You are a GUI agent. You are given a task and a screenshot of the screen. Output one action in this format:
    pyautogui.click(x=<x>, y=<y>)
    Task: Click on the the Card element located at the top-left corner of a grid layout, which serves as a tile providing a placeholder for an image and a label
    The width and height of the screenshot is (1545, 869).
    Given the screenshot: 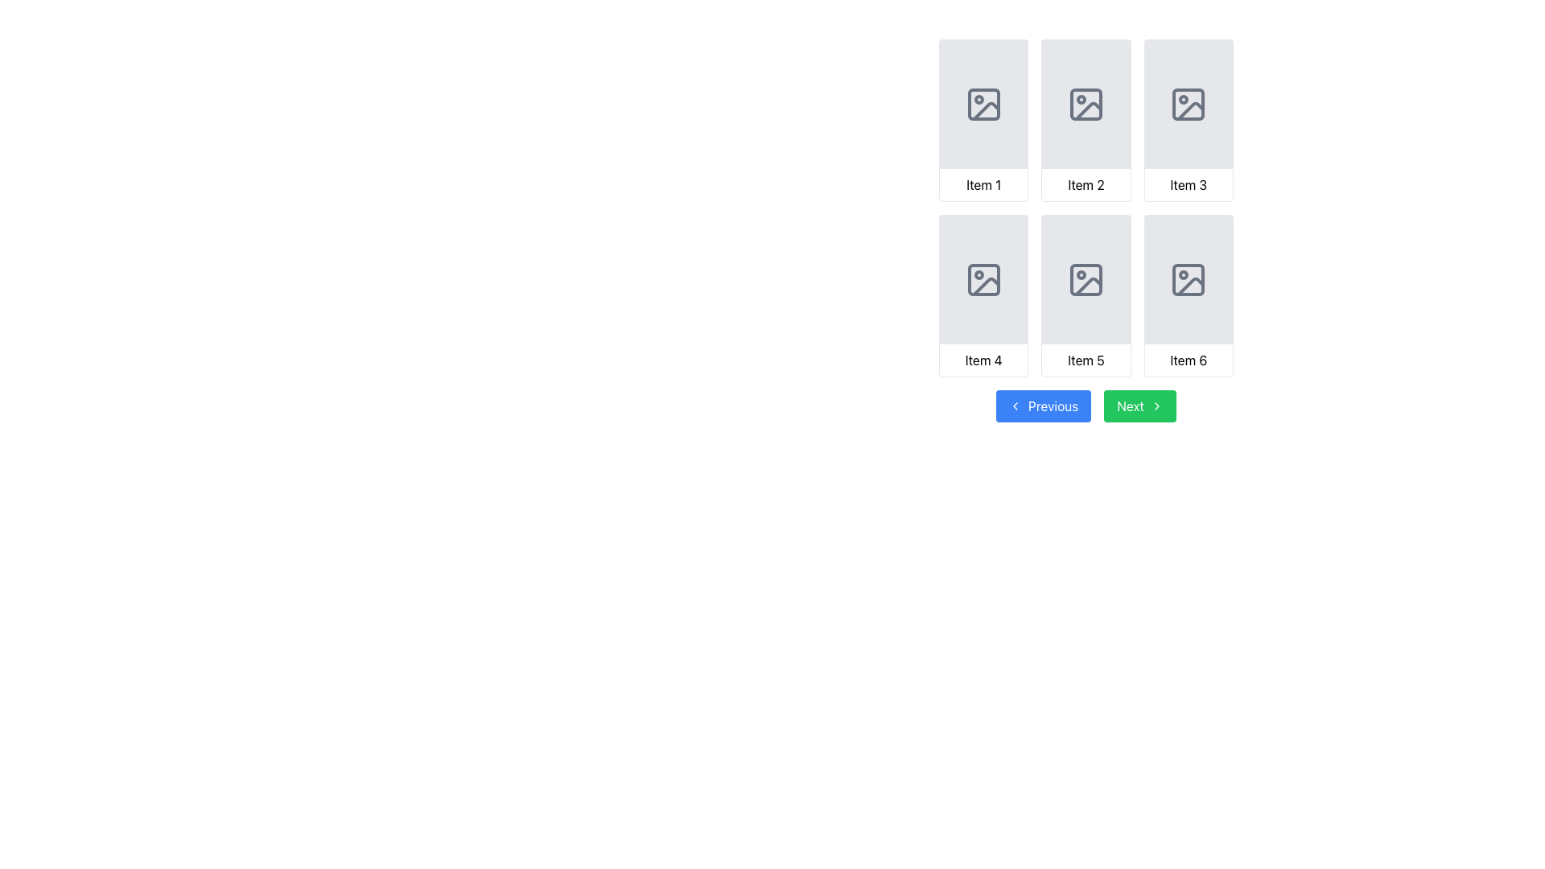 What is the action you would take?
    pyautogui.click(x=983, y=120)
    